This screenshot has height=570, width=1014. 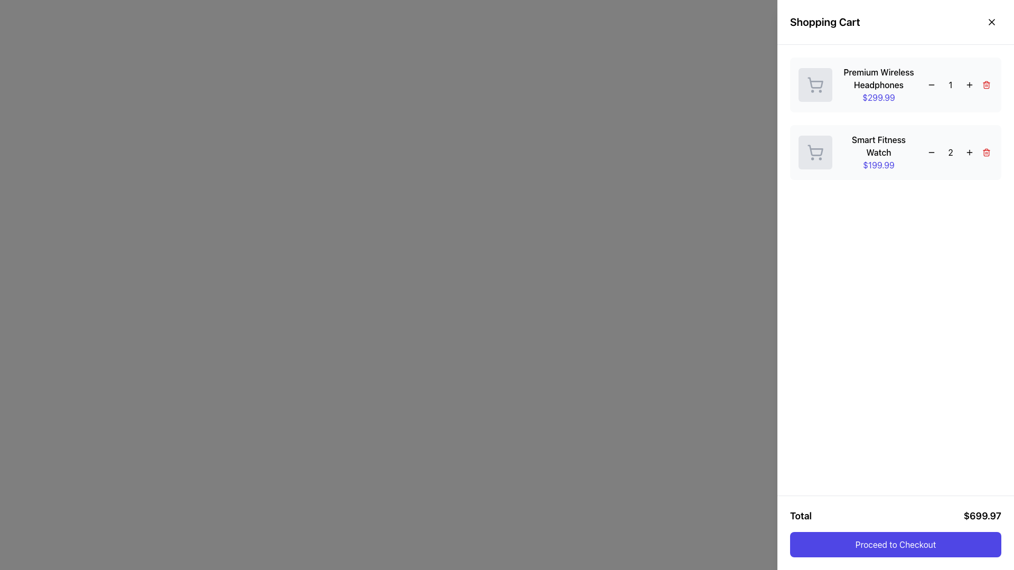 I want to click on the decrement button located on the right side of the first item's description in the shopping cart to decrease the quantity, so click(x=931, y=84).